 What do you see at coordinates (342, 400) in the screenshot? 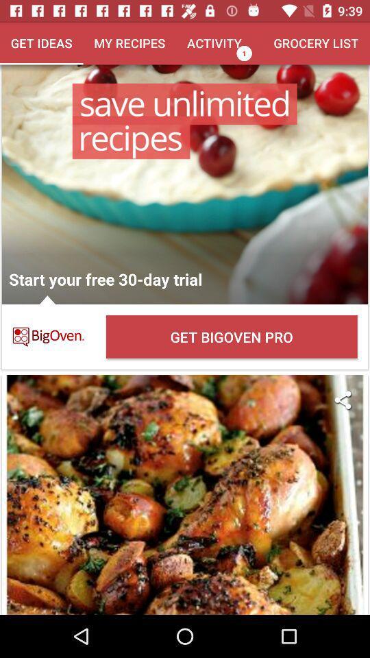
I see `the item on the right` at bounding box center [342, 400].